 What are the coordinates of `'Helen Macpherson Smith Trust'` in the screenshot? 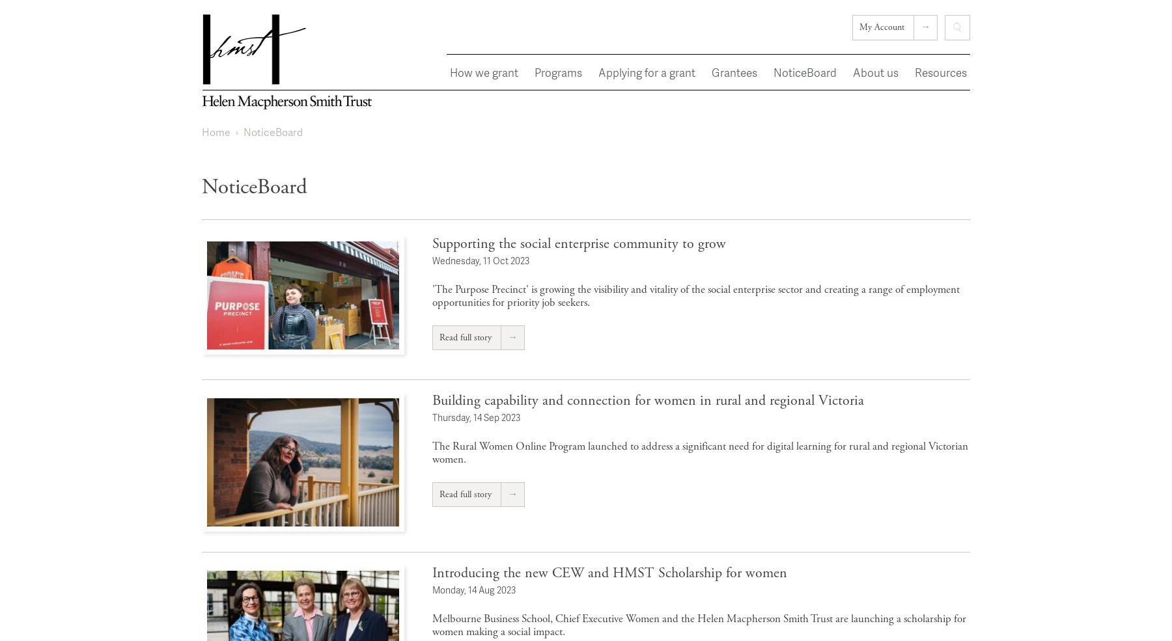 It's located at (281, 135).